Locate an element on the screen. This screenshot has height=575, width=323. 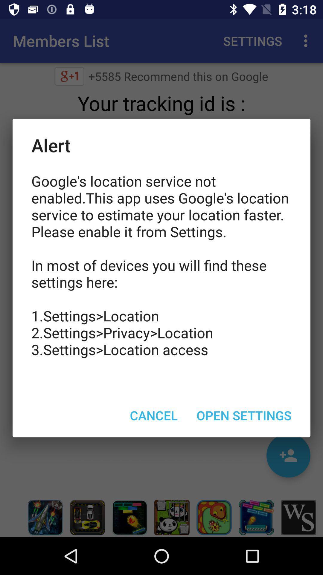
the open settings icon is located at coordinates (244, 415).